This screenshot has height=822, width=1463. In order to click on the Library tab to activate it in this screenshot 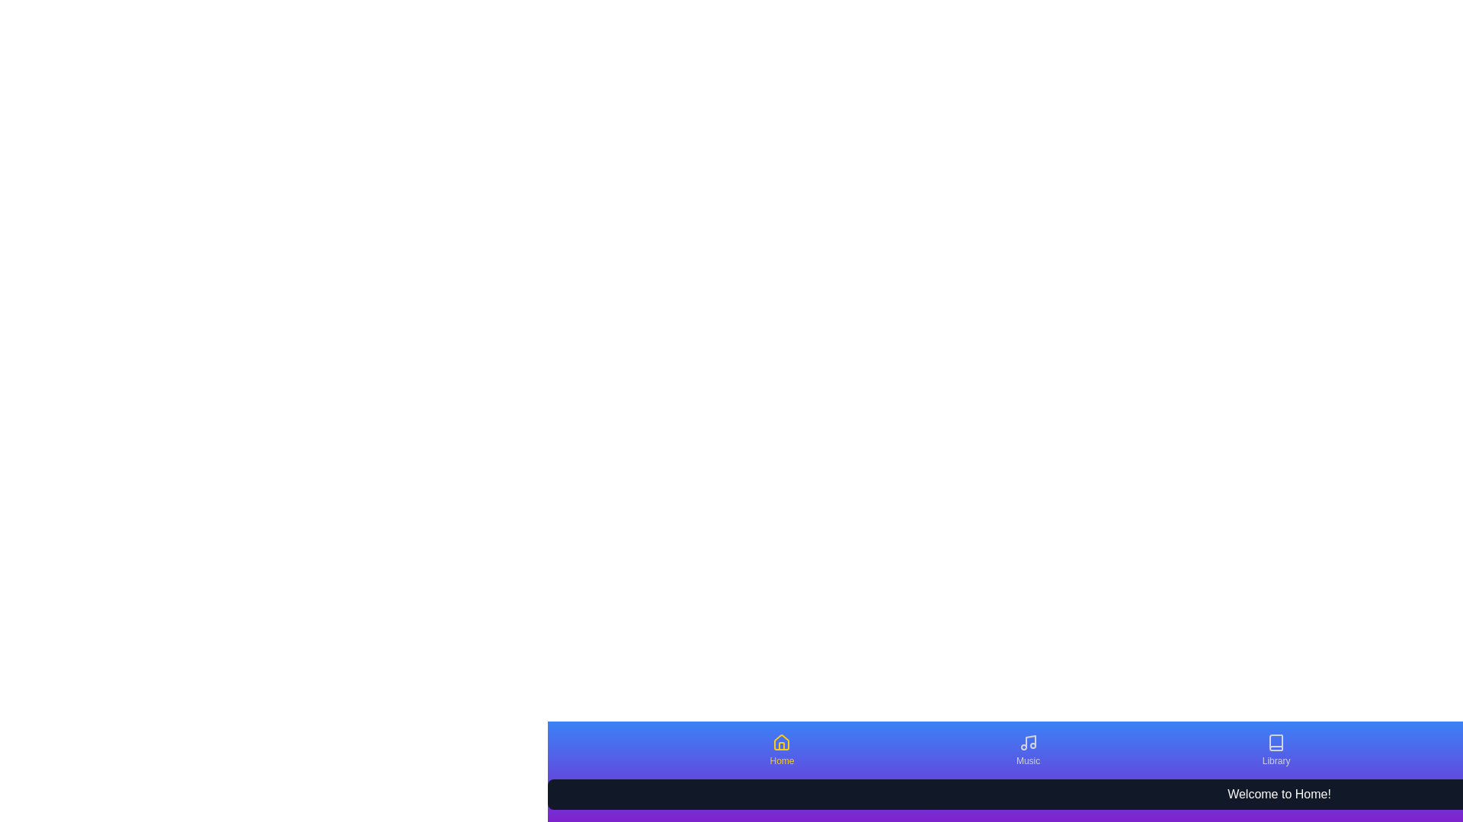, I will do `click(1276, 750)`.